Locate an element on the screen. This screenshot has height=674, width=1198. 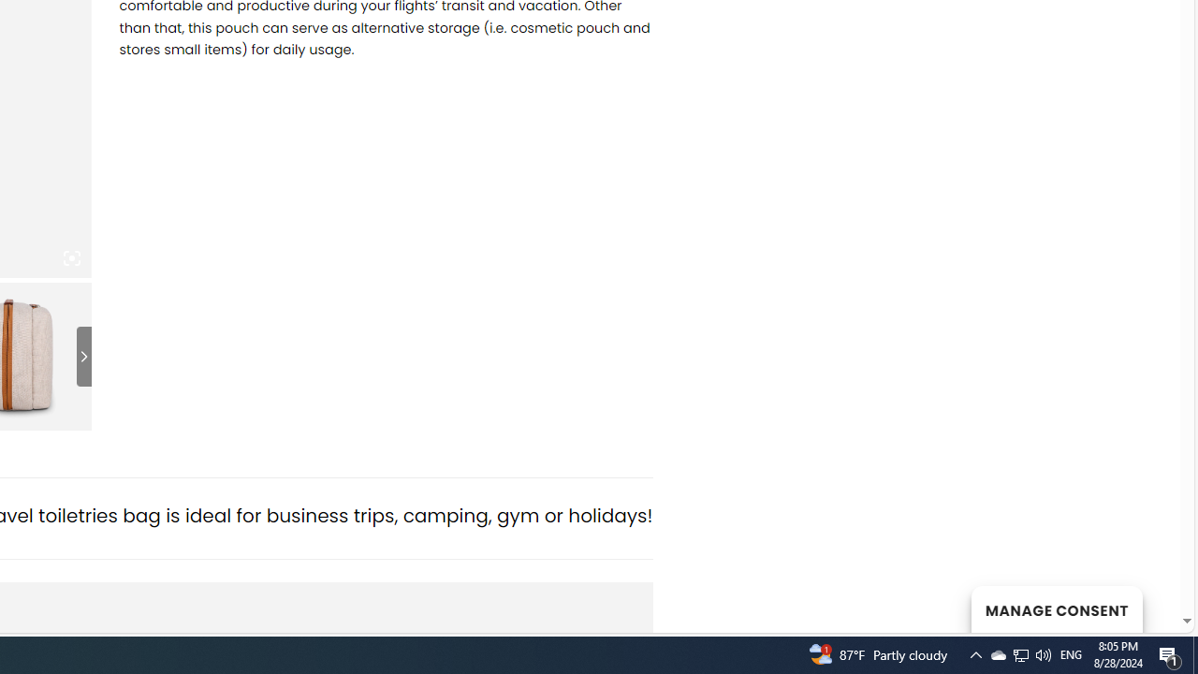
'Class: iconic-woothumbs-fullscreen' is located at coordinates (71, 258).